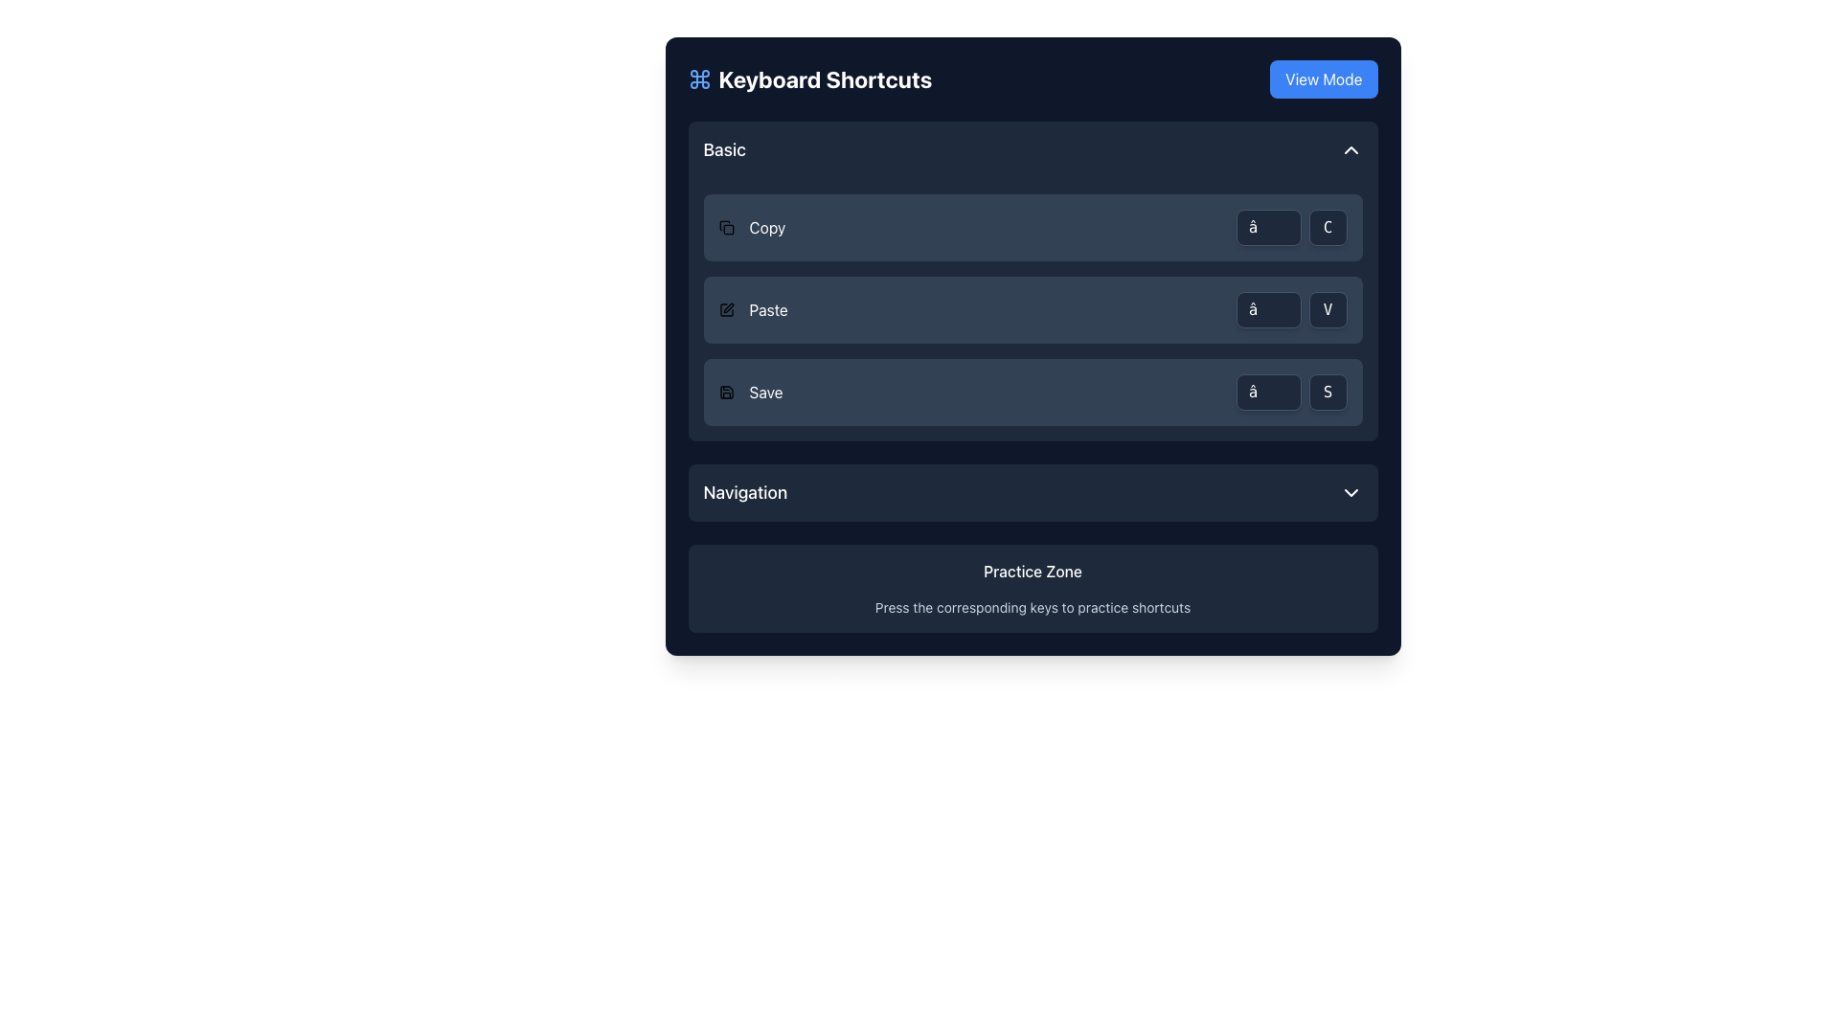  Describe the element at coordinates (1350, 492) in the screenshot. I see `the Dropdown indicator icon located at the far right end of the 'Navigation' section` at that location.